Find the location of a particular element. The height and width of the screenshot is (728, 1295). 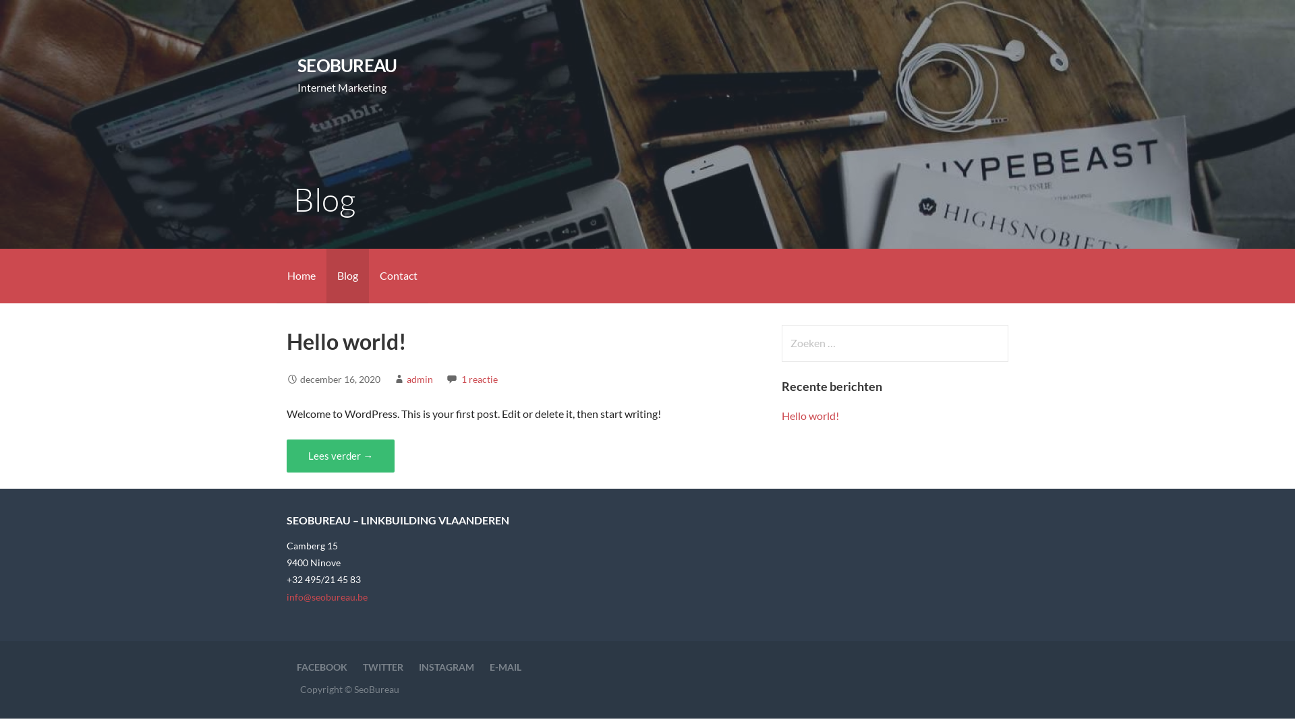

'E-MAIL' is located at coordinates (488, 666).